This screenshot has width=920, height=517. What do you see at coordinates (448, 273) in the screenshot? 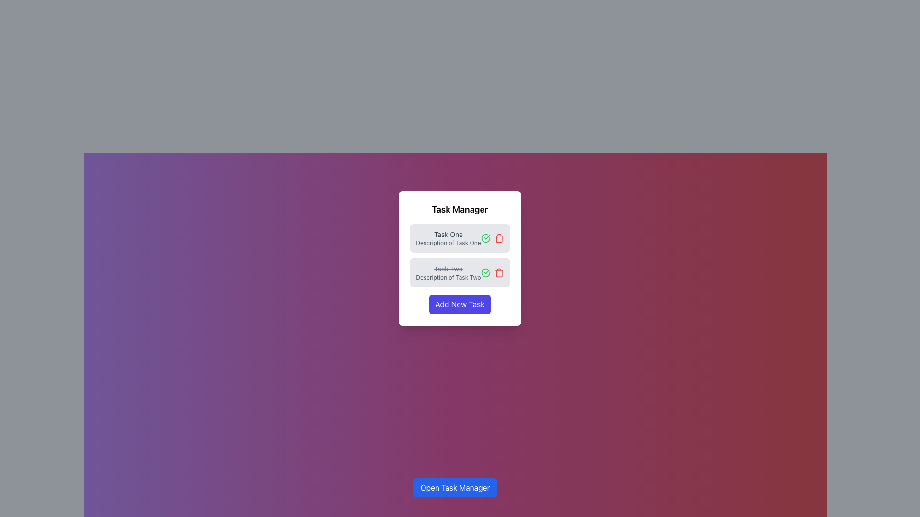
I see `the text display element providing information about 'Task Two', which is located in the second task card section of the task manager interface` at bounding box center [448, 273].